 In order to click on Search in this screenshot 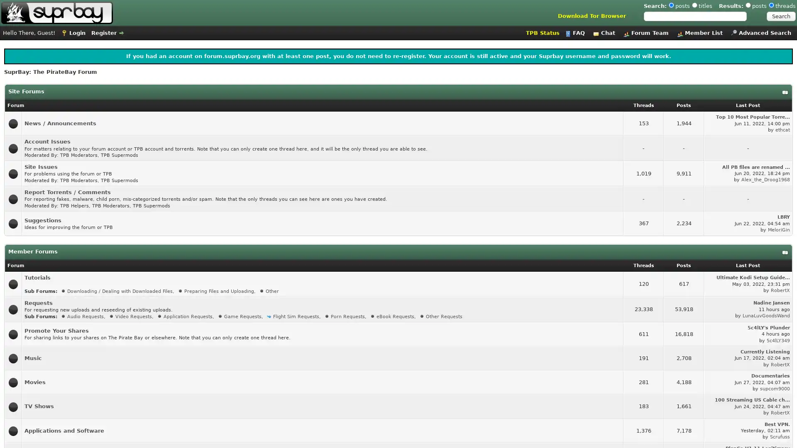, I will do `click(780, 16)`.